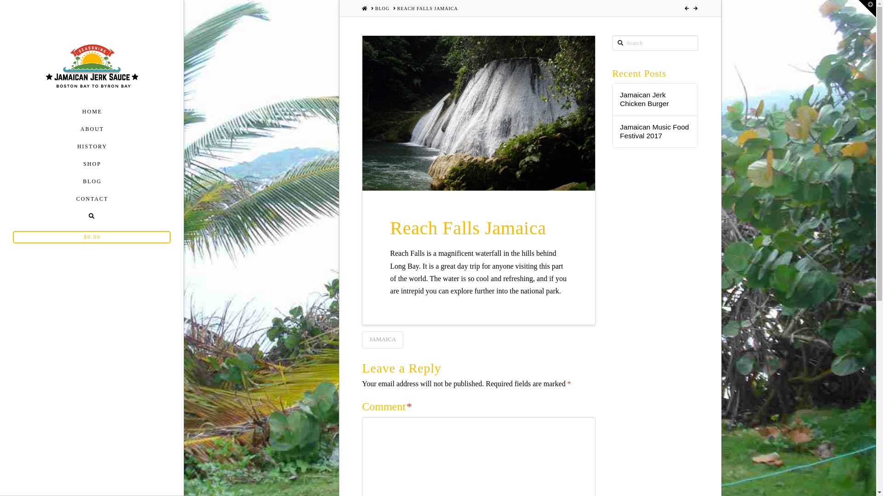  I want to click on 'SHOP', so click(92, 163).